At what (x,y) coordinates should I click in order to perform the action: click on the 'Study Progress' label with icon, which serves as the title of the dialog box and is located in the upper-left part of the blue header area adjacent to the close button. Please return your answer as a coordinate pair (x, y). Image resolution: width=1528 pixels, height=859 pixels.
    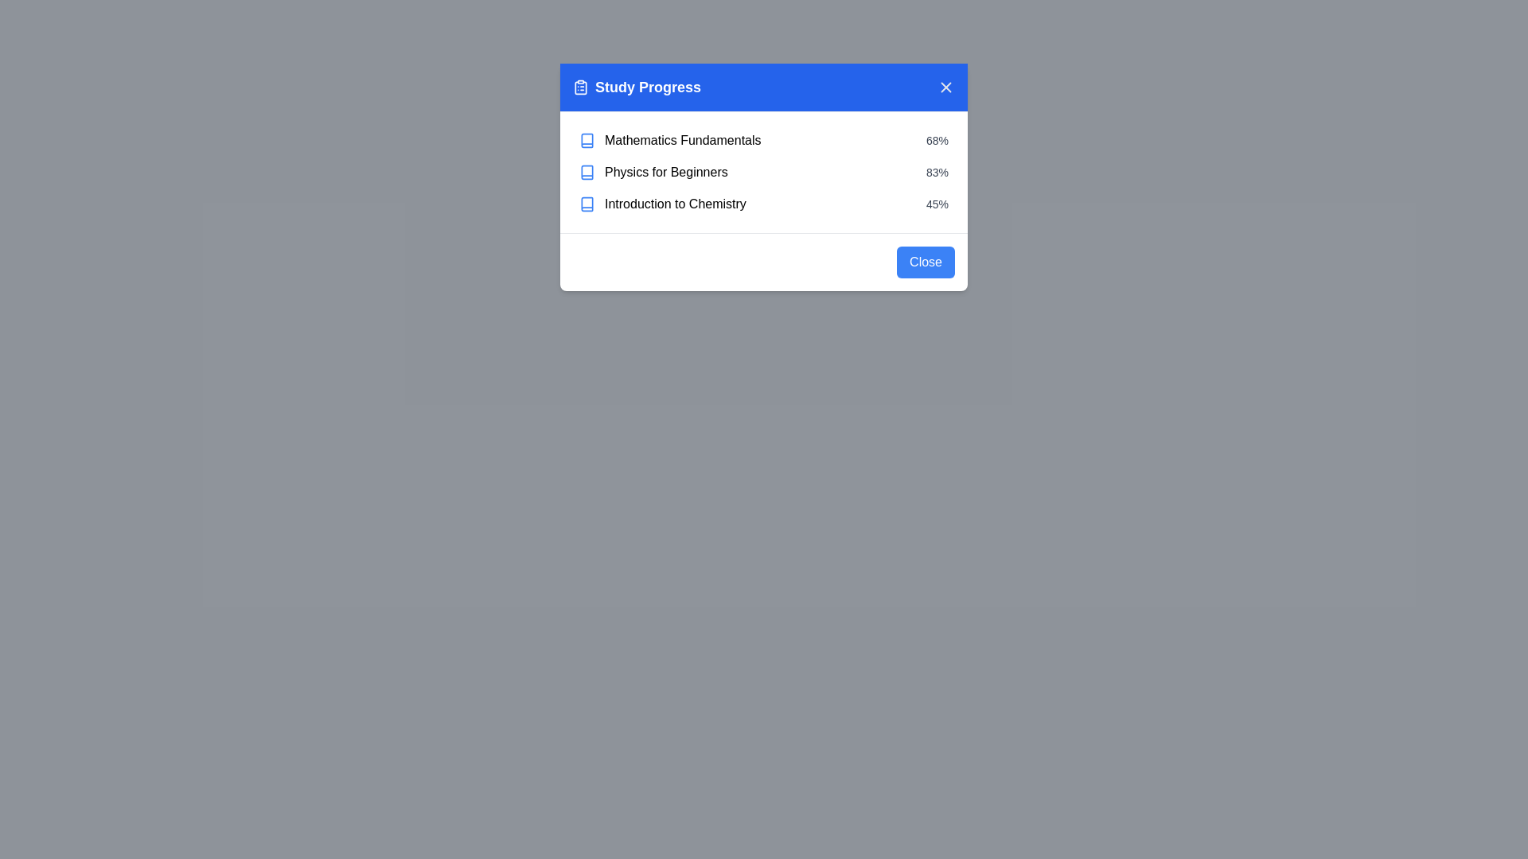
    Looking at the image, I should click on (637, 87).